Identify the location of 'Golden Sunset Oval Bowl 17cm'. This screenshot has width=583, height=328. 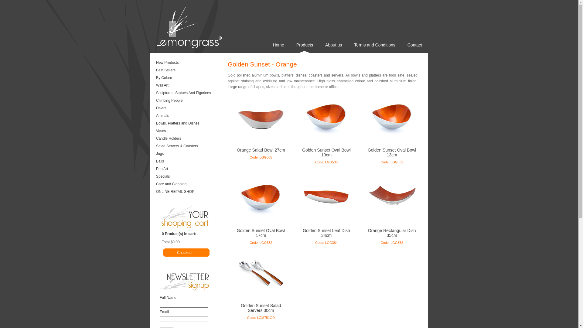
(261, 233).